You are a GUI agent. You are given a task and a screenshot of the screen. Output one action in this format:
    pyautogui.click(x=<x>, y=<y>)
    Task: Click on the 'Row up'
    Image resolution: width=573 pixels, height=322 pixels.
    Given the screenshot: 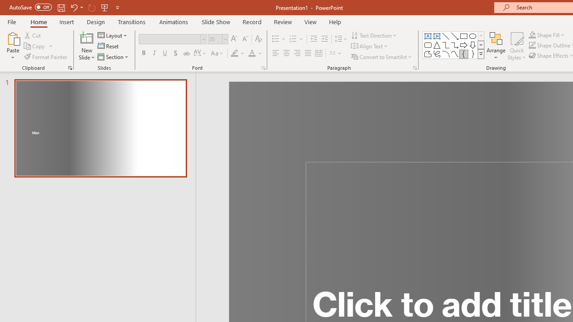 What is the action you would take?
    pyautogui.click(x=480, y=35)
    